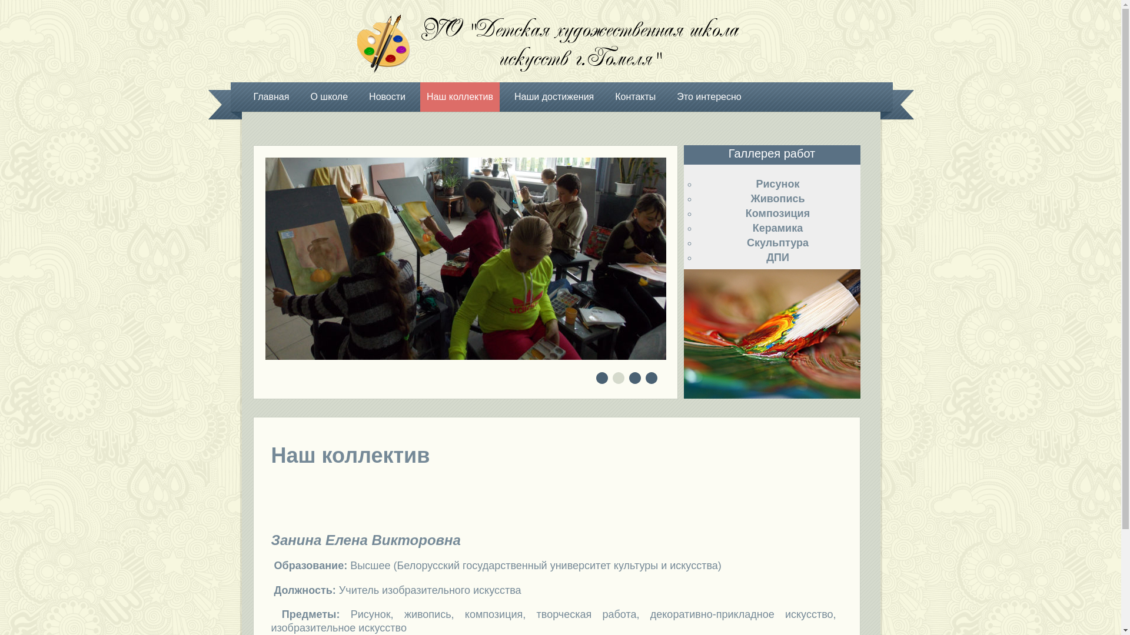 Image resolution: width=1130 pixels, height=635 pixels. I want to click on '2', so click(618, 379).